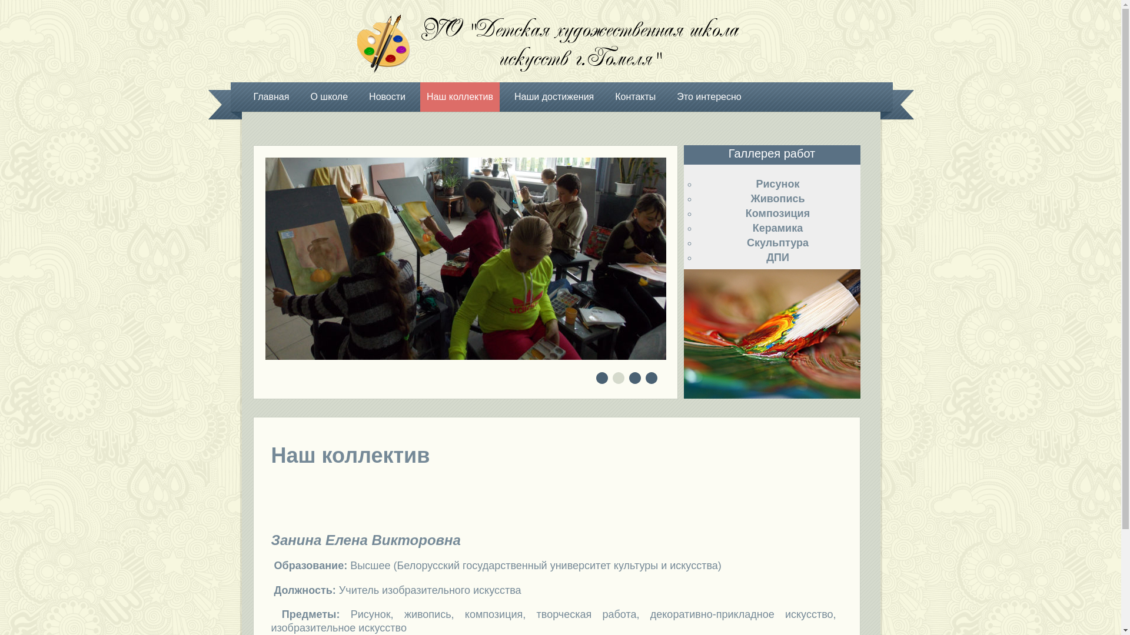 Image resolution: width=1130 pixels, height=635 pixels. I want to click on '2', so click(618, 379).